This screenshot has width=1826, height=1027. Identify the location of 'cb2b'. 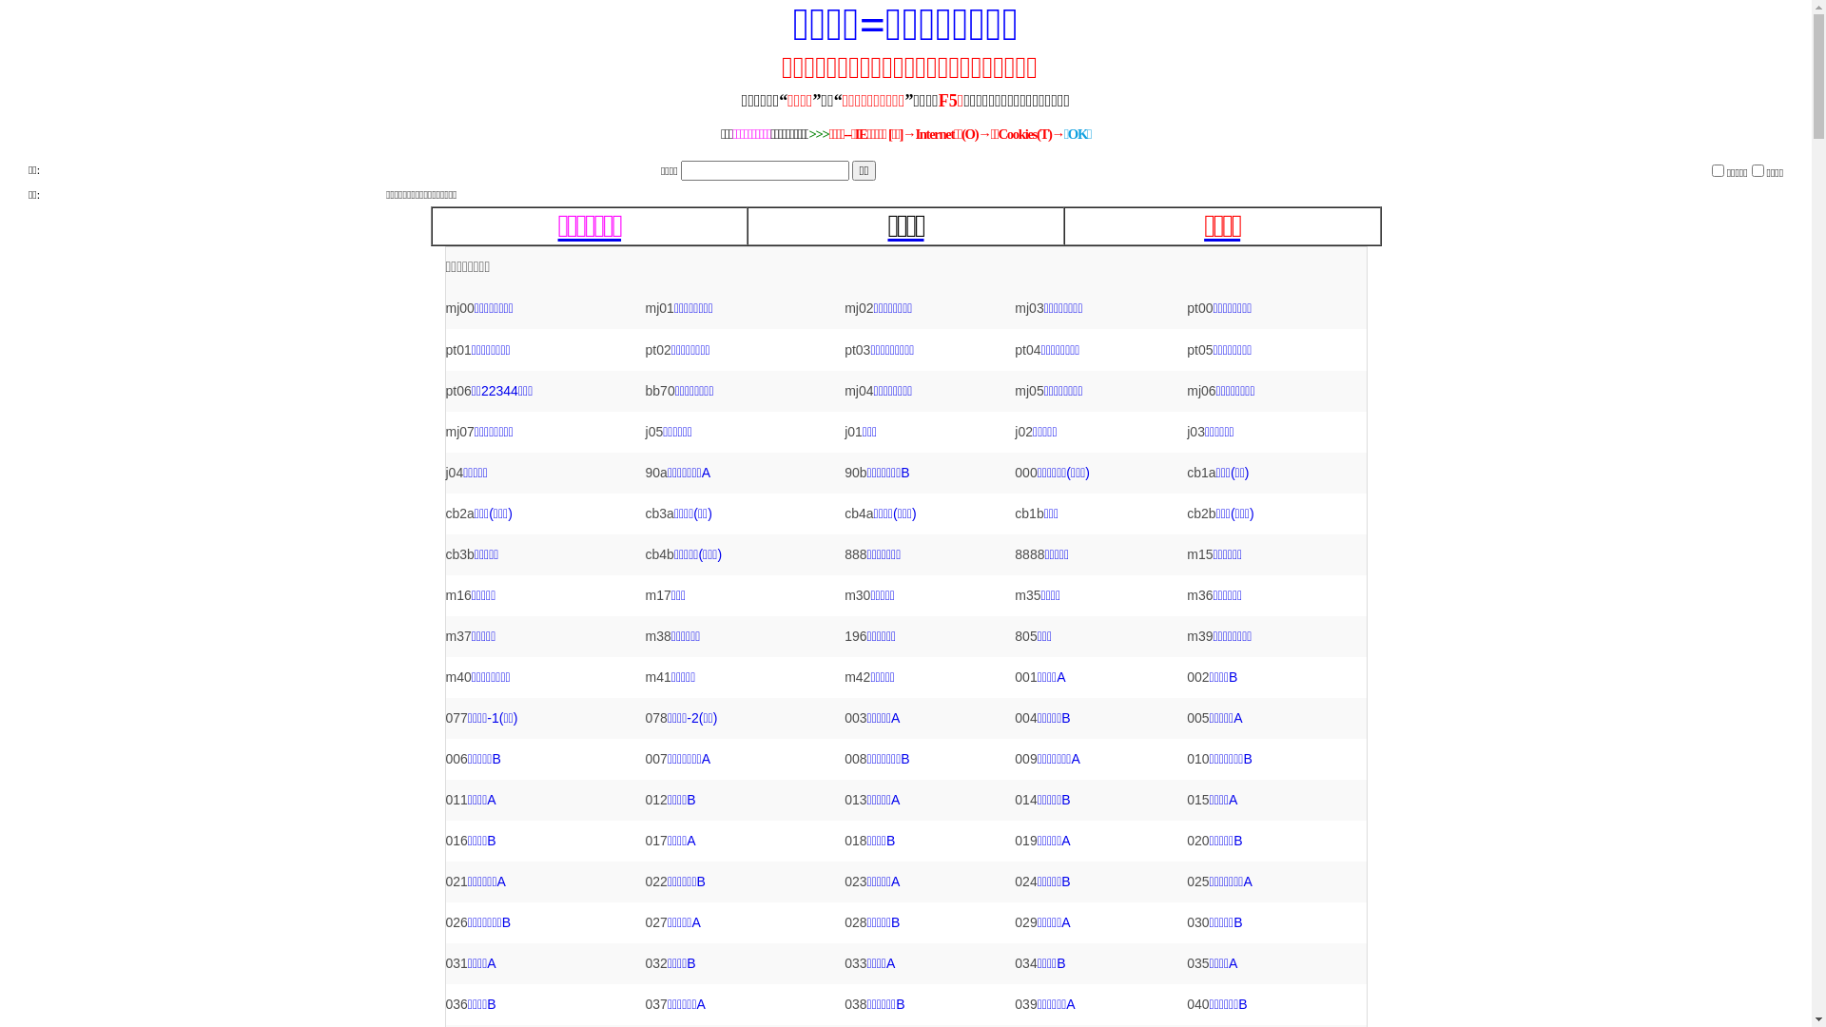
(1199, 513).